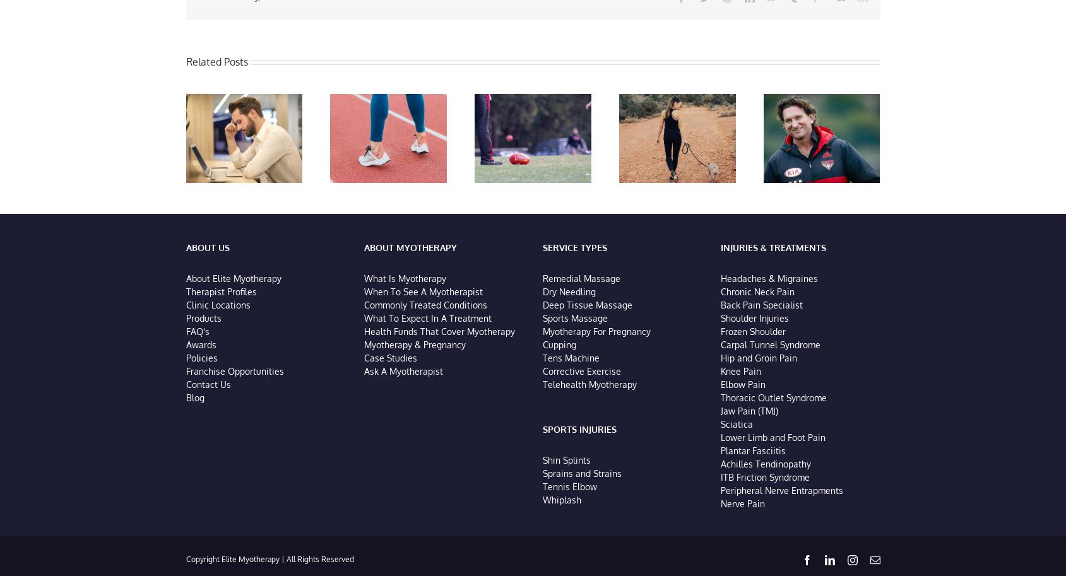 The image size is (1066, 576). I want to click on 'FAQ's', so click(197, 333).